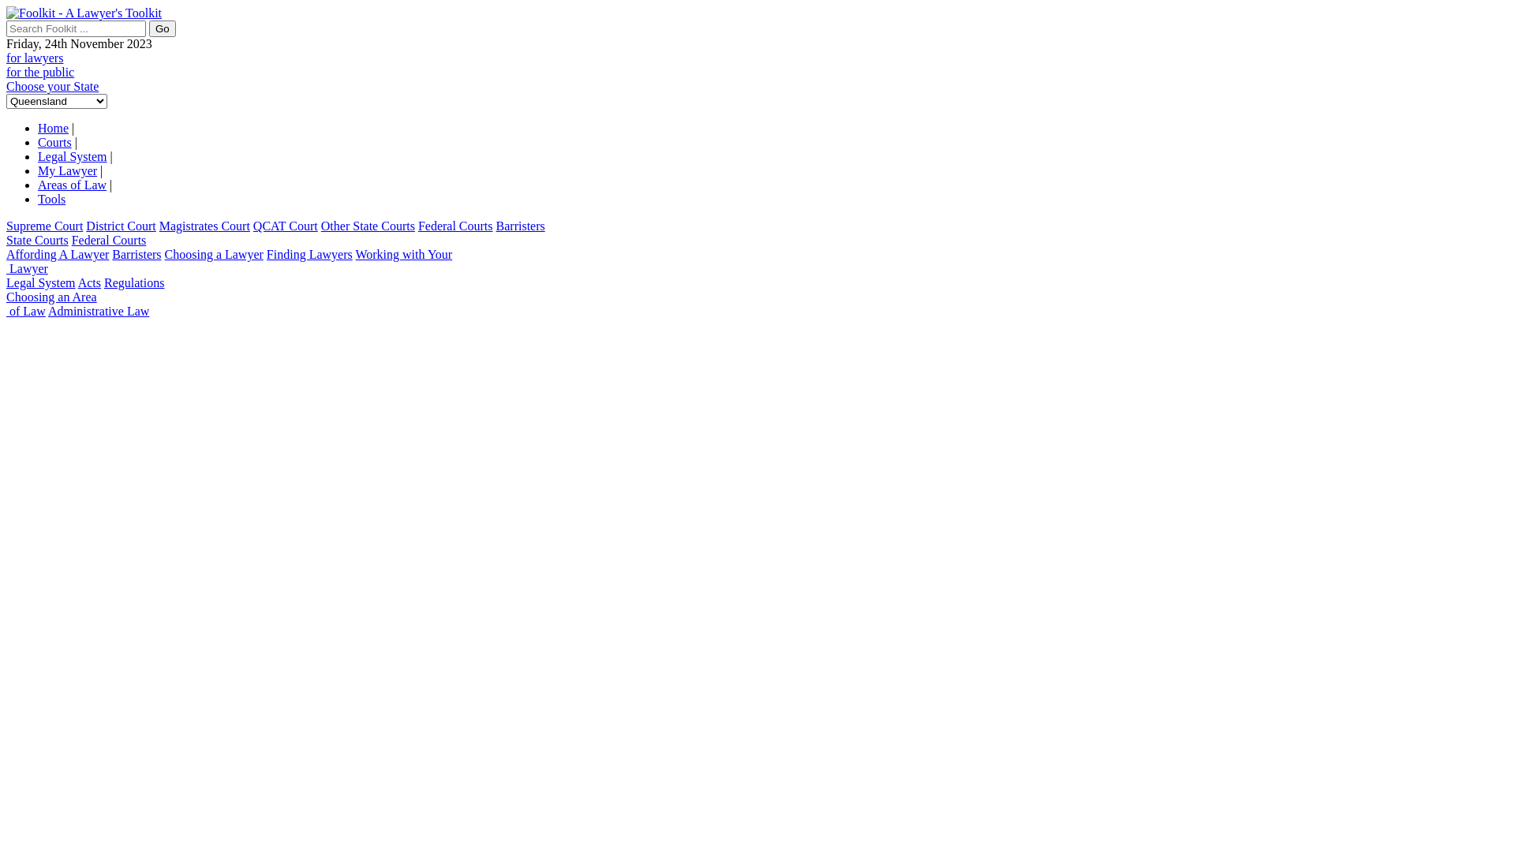 This screenshot has width=1515, height=852. What do you see at coordinates (120, 226) in the screenshot?
I see `'District Court'` at bounding box center [120, 226].